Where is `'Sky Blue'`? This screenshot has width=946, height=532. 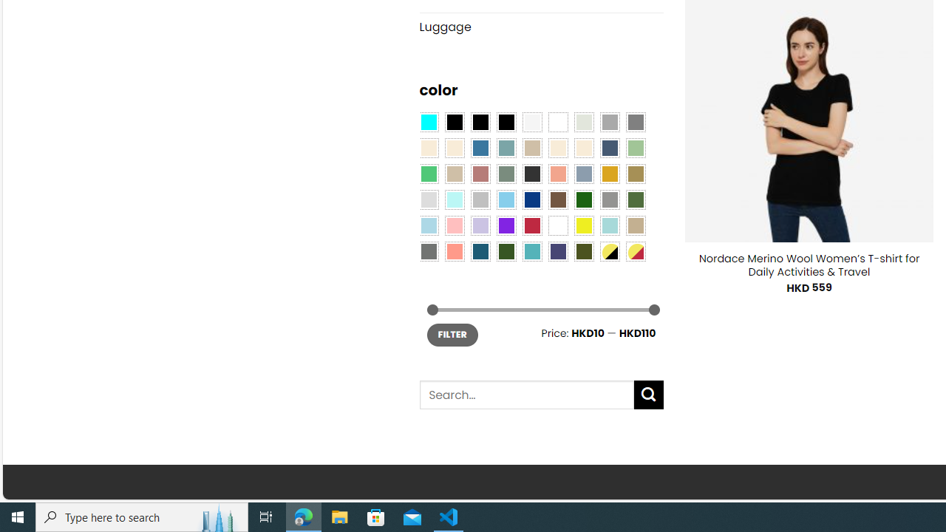 'Sky Blue' is located at coordinates (506, 199).